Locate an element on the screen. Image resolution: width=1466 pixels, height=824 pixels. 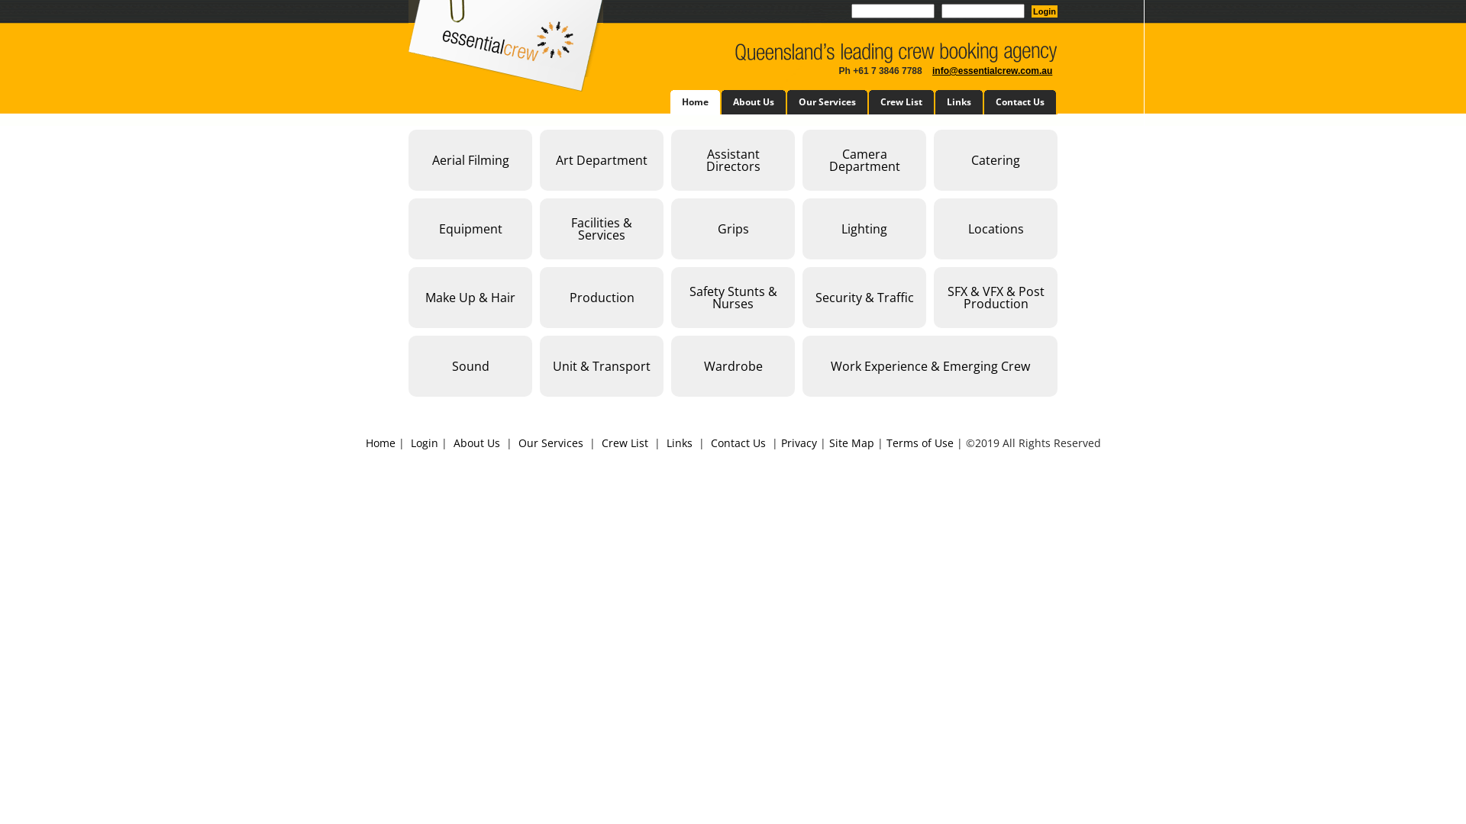
'Production' is located at coordinates (600, 297).